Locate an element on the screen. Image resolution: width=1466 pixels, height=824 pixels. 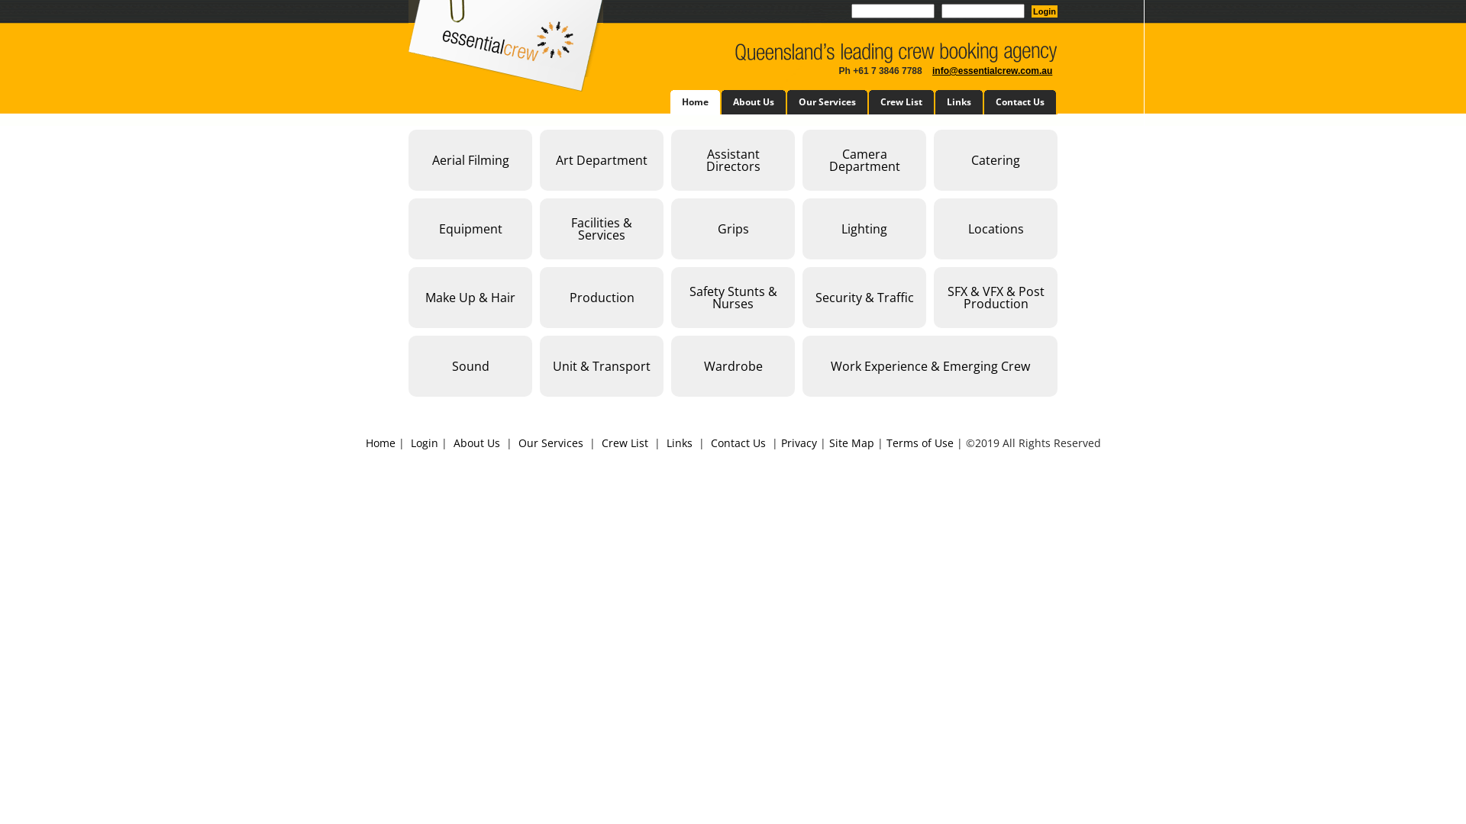
'Production' is located at coordinates (600, 297).